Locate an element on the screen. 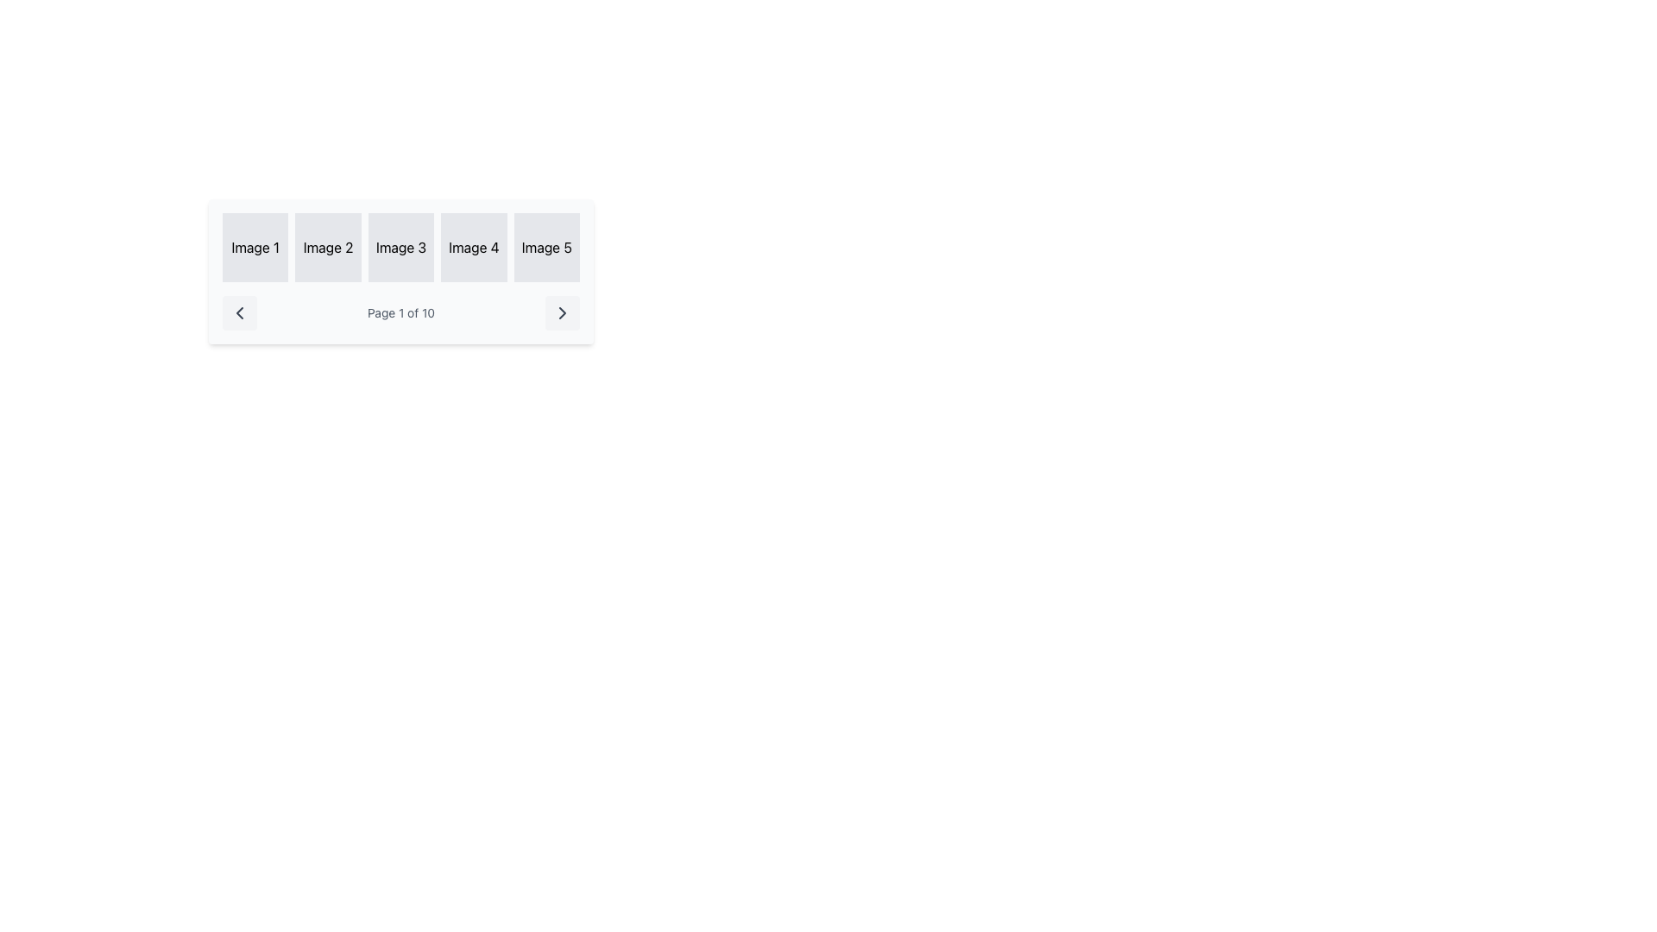 This screenshot has height=932, width=1657. the rightward arrow icon, which is a minimalistic line-based design with a black stroke, located on the far right side of the pagination control interface is located at coordinates (563, 312).